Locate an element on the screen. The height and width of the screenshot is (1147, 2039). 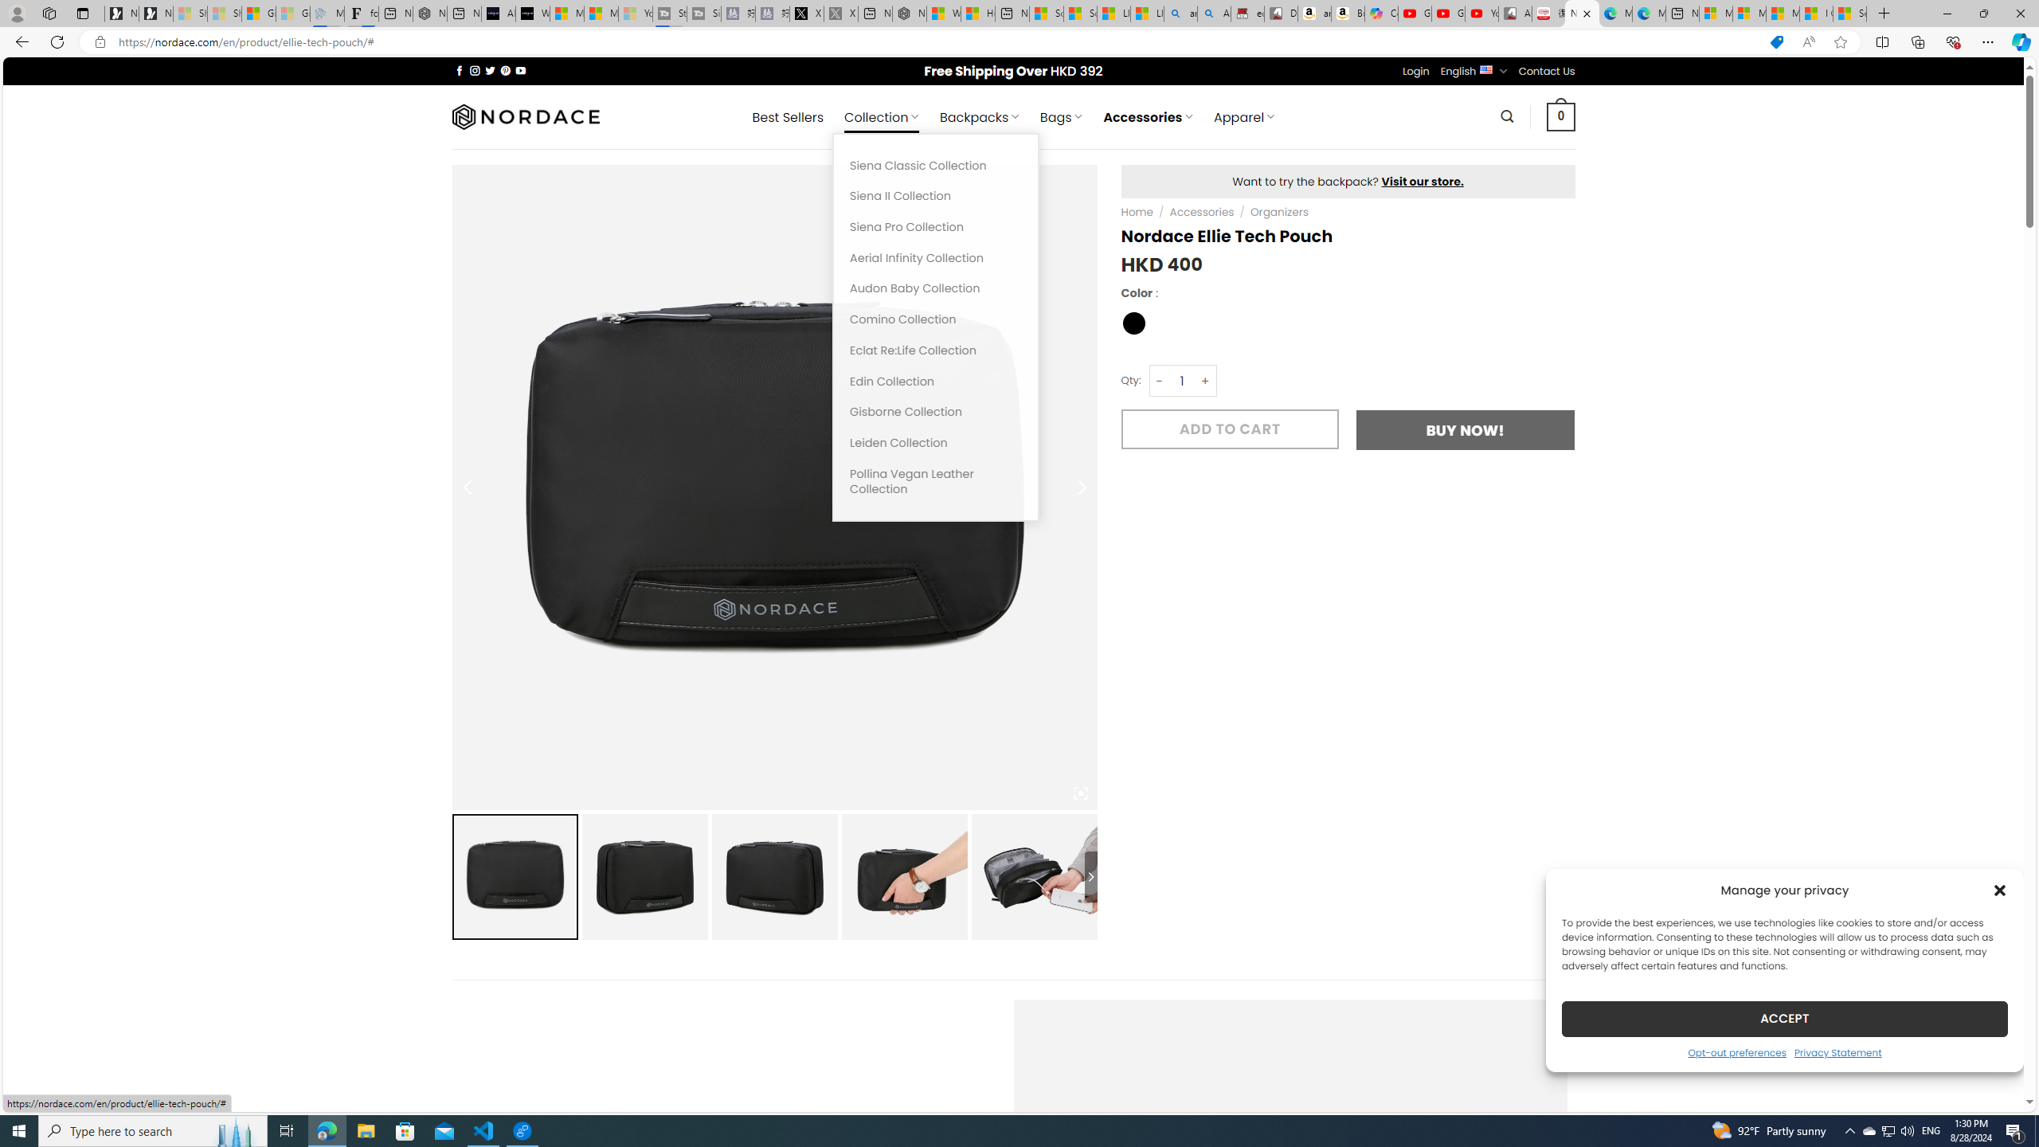
'Follow on Pinterest' is located at coordinates (503, 70).